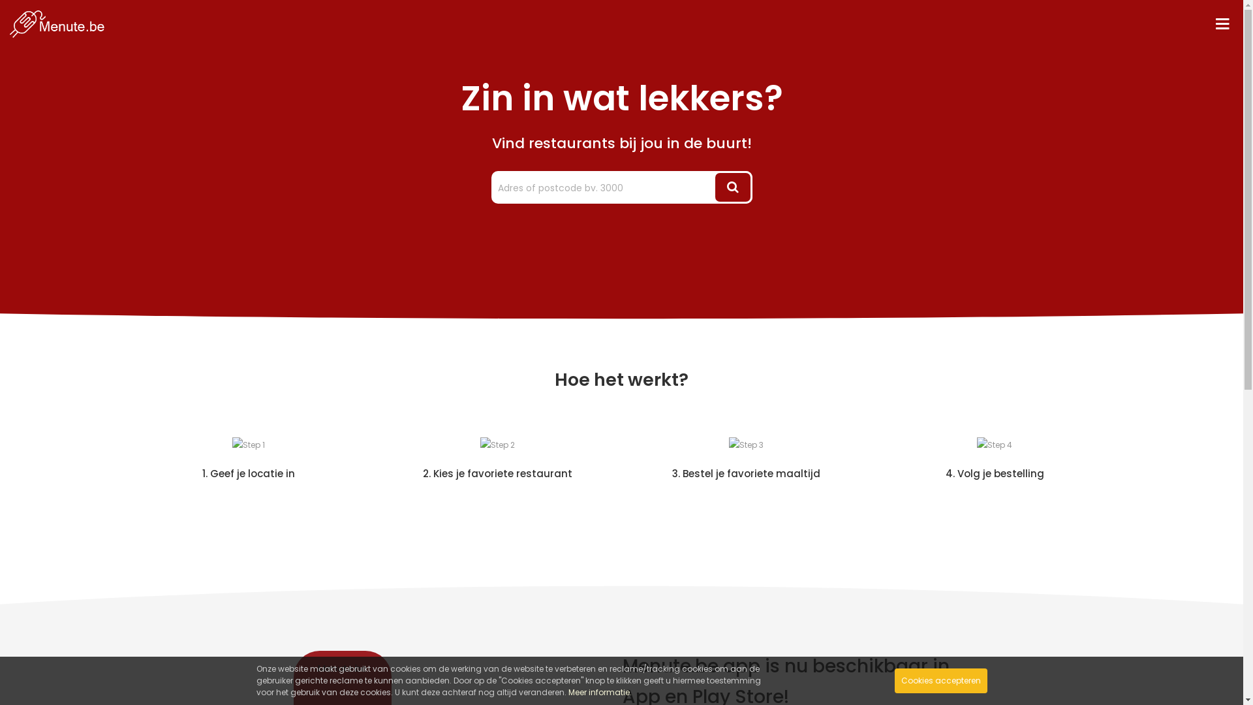 The width and height of the screenshot is (1253, 705). Describe the element at coordinates (745, 445) in the screenshot. I see `'Step 3'` at that location.